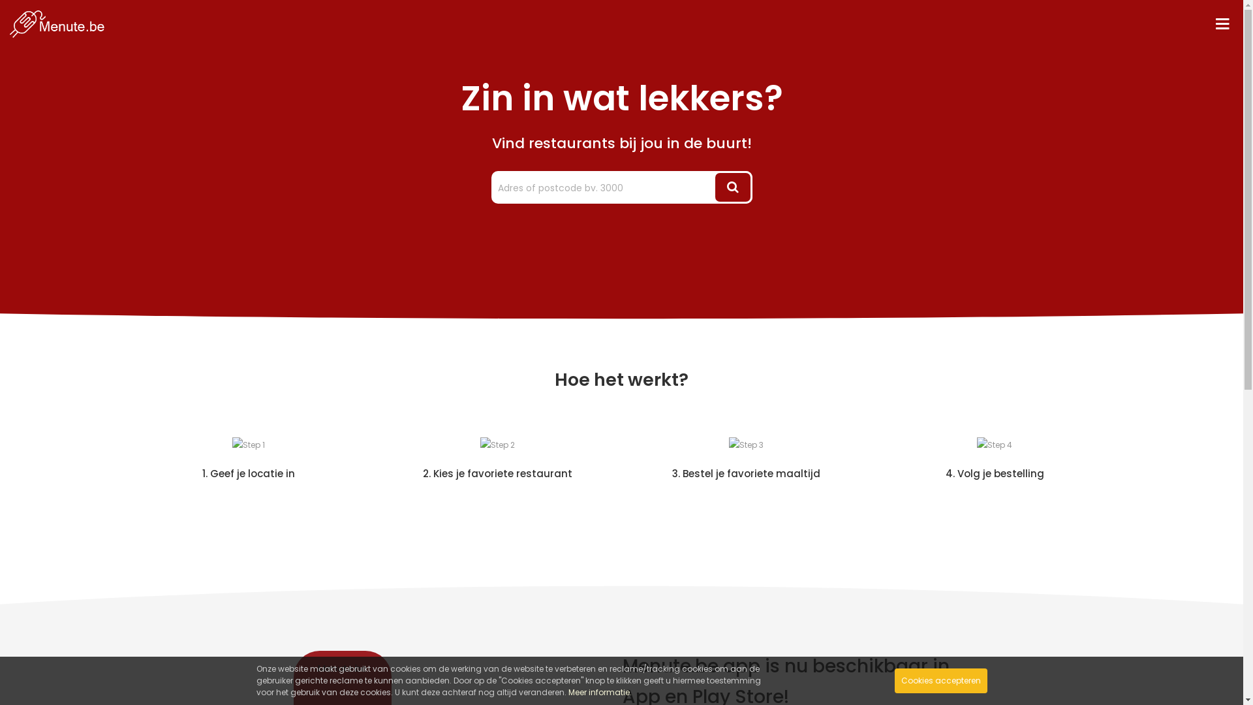 The width and height of the screenshot is (1253, 705). Describe the element at coordinates (745, 445) in the screenshot. I see `'Step 3'` at that location.